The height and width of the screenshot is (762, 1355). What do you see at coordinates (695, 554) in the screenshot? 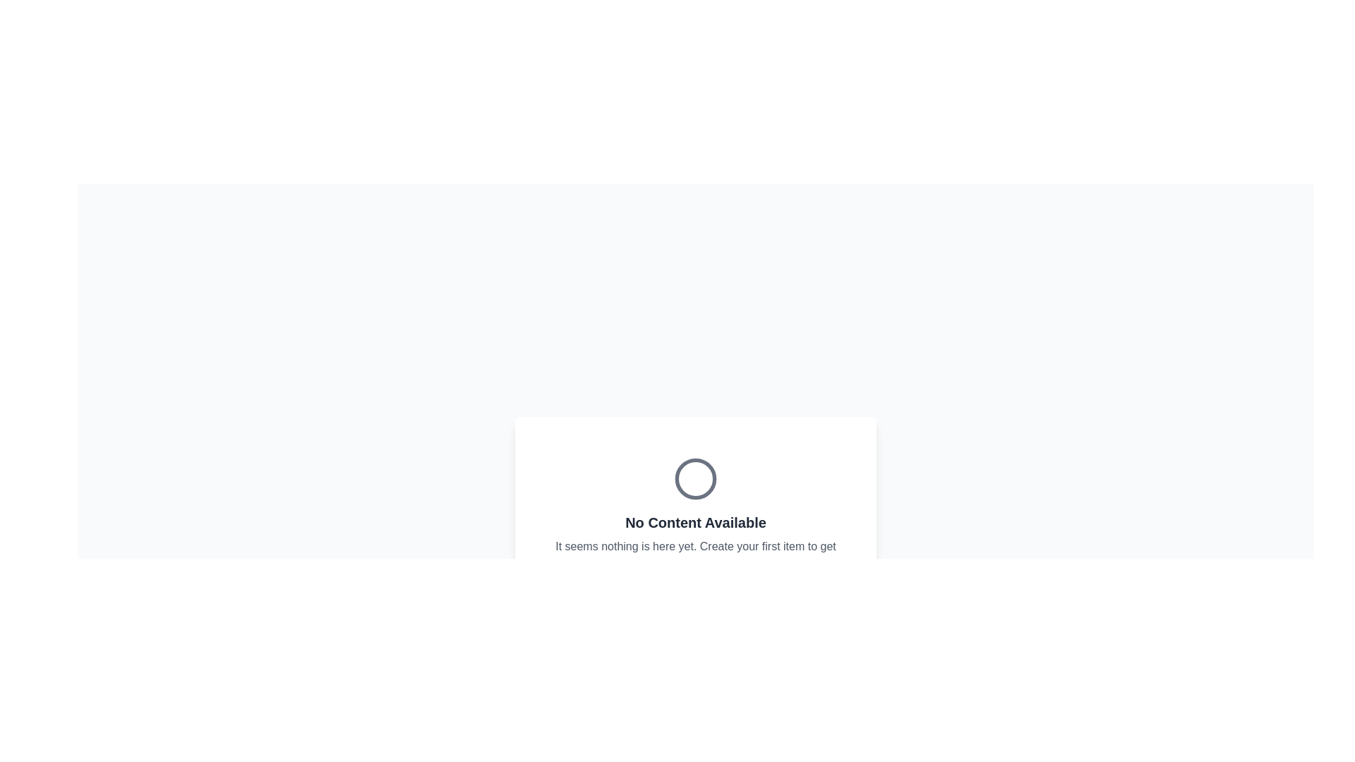
I see `the static text element that reads 'It seems nothing is here yet. Create your first item to get started!', which is styled in gray and positioned below the text 'No Content Available'` at bounding box center [695, 554].